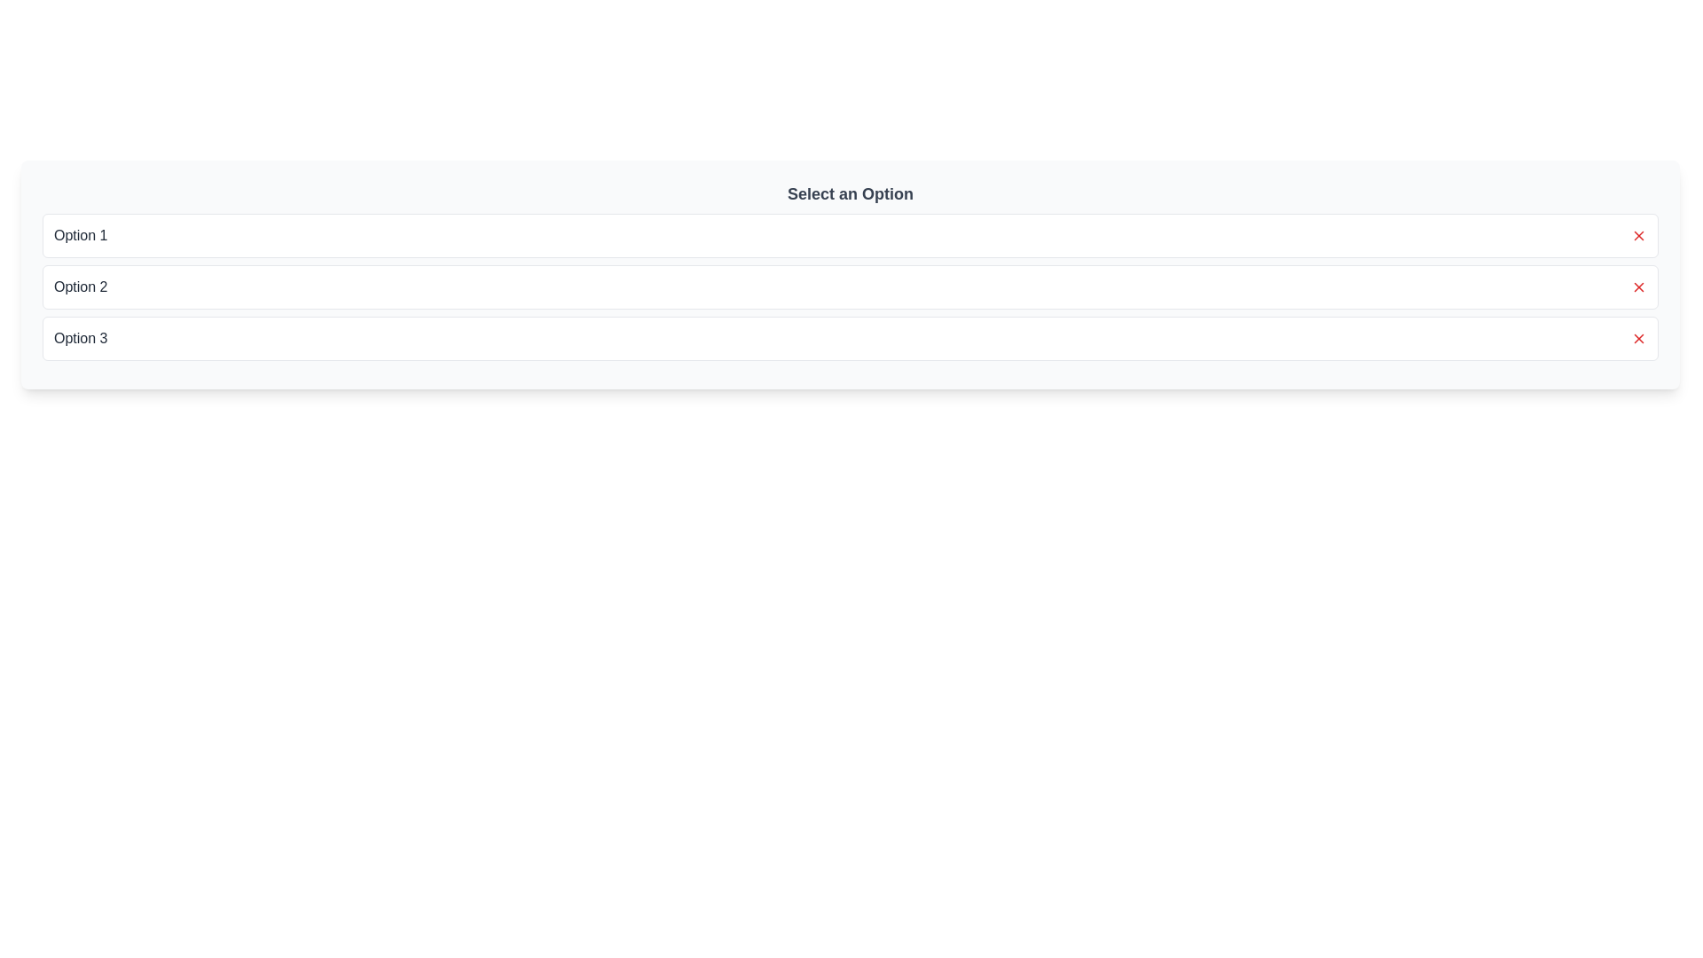  Describe the element at coordinates (80, 287) in the screenshot. I see `the text label displaying 'Option 2' which is centrally positioned in the second row of a vertically arranged list of options` at that location.